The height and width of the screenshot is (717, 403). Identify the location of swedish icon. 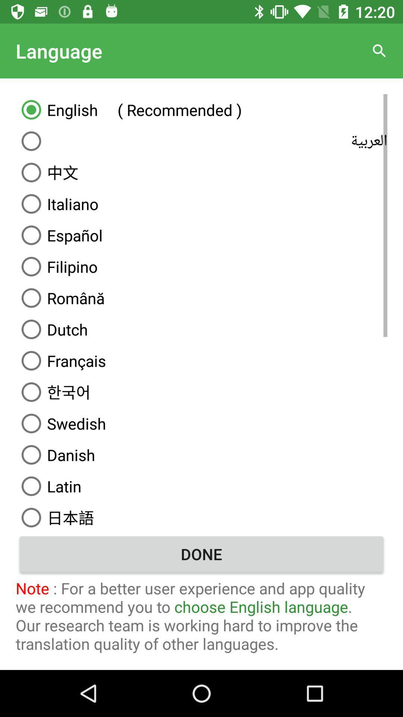
(201, 423).